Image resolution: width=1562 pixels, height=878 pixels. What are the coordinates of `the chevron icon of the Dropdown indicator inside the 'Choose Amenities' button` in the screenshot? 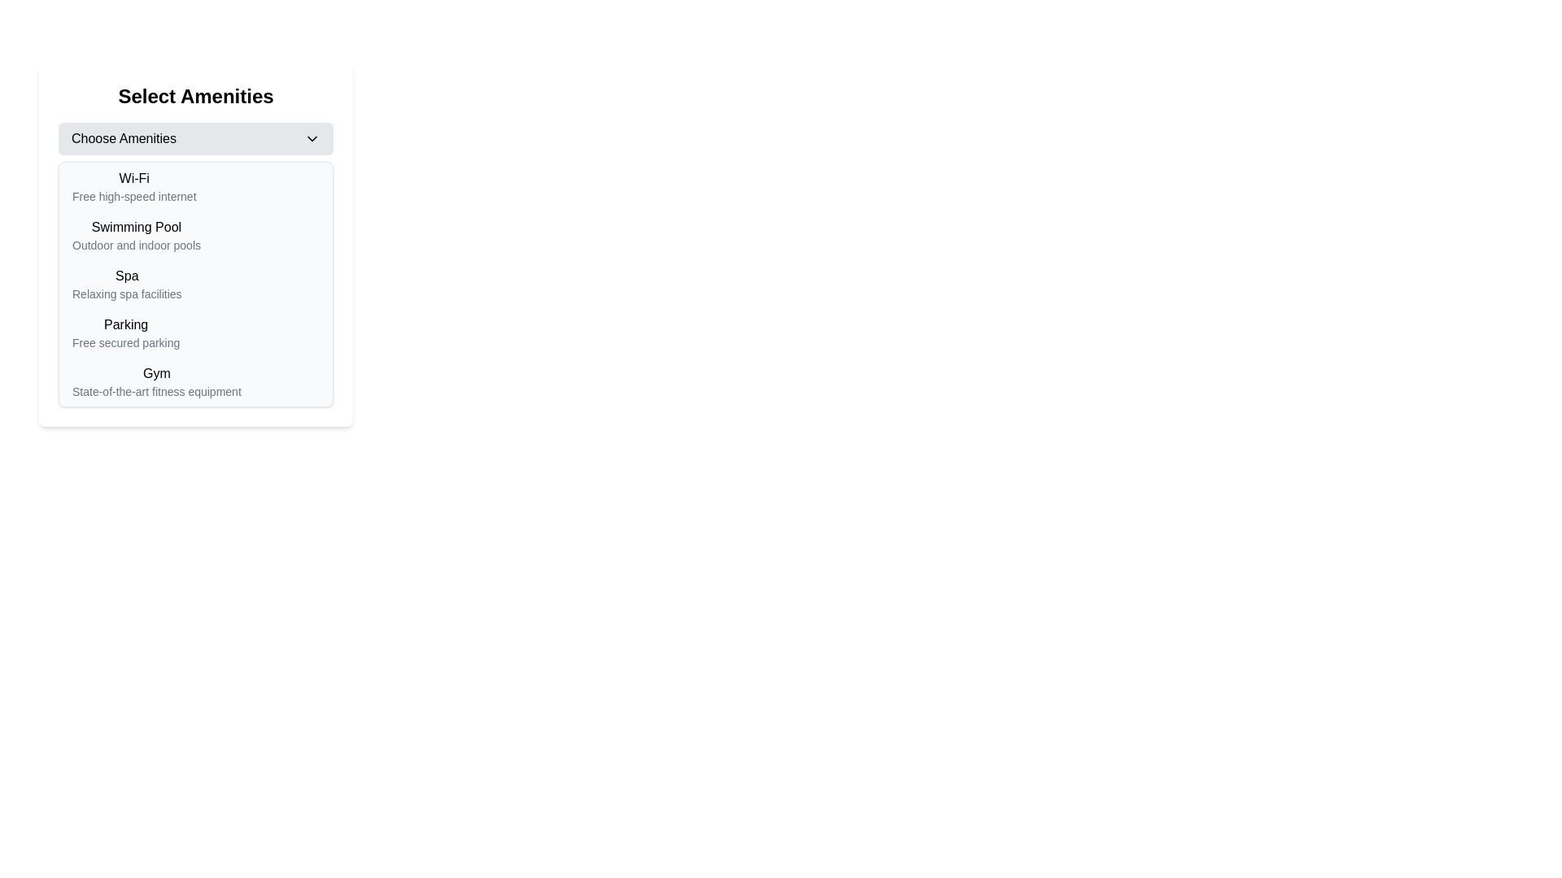 It's located at (312, 137).